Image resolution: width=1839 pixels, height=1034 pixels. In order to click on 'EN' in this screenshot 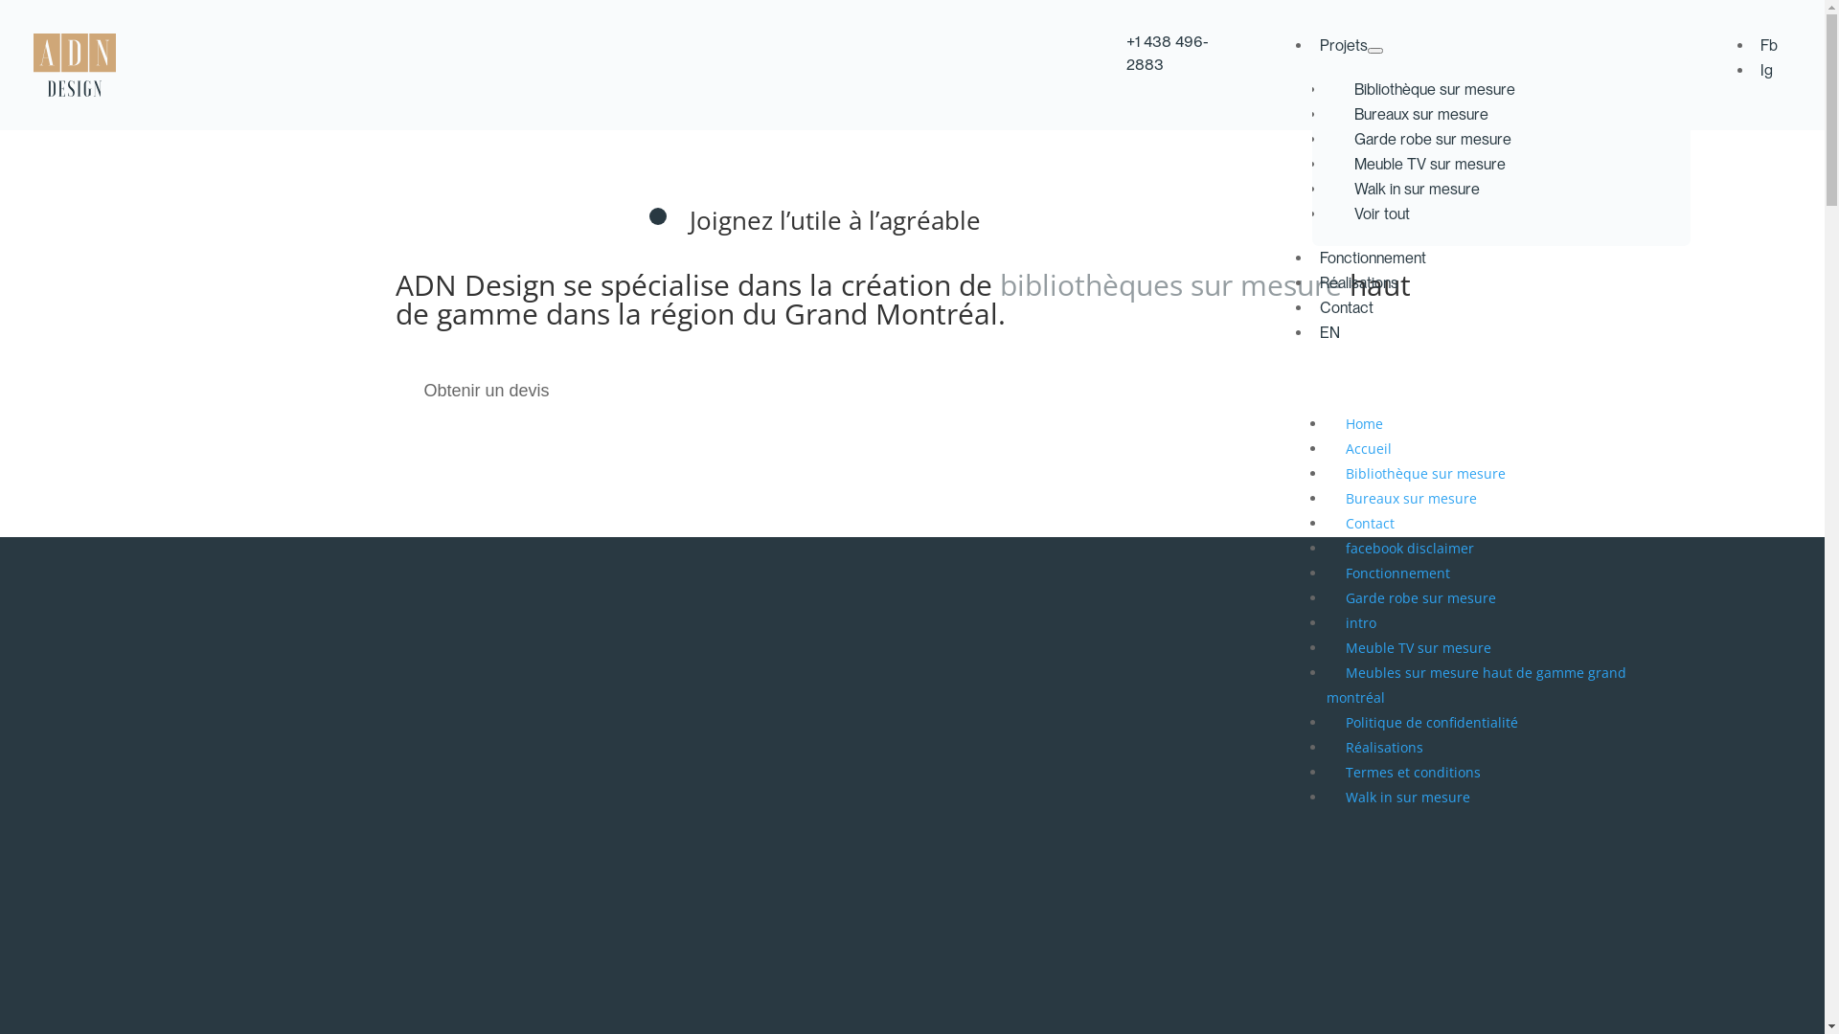, I will do `click(1328, 336)`.